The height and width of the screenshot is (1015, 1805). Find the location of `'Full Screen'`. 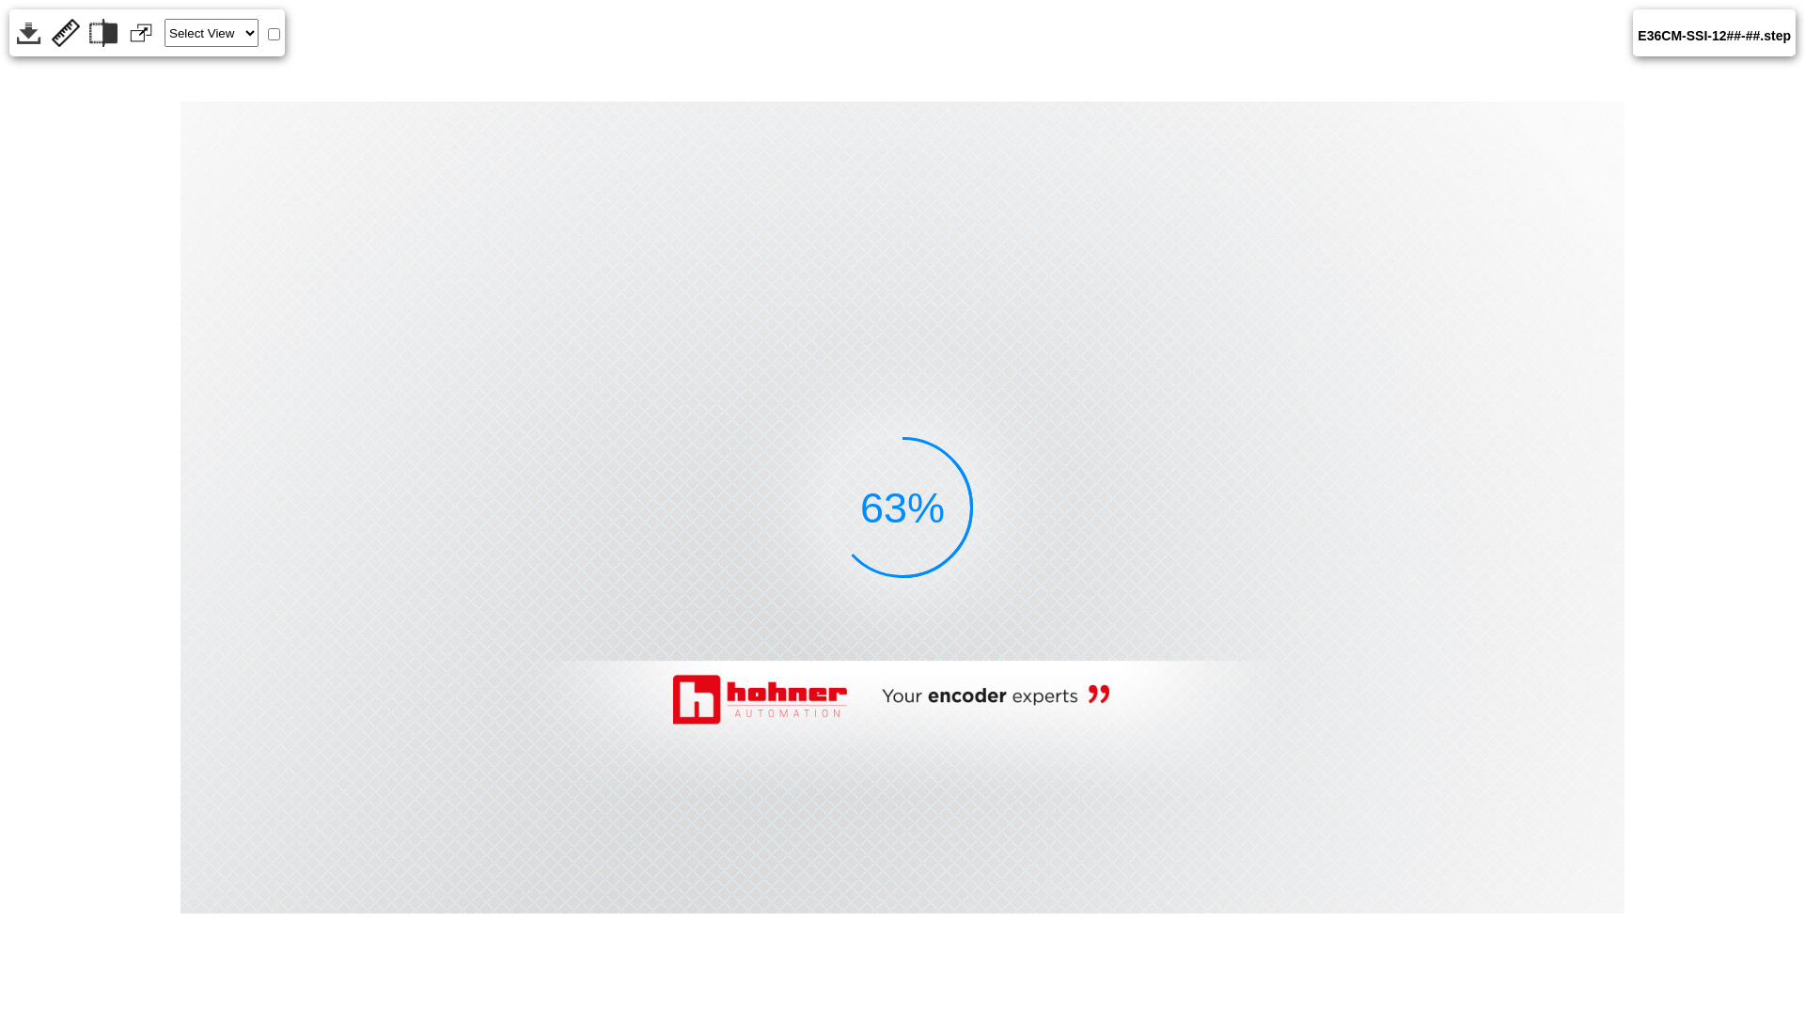

'Full Screen' is located at coordinates (139, 32).